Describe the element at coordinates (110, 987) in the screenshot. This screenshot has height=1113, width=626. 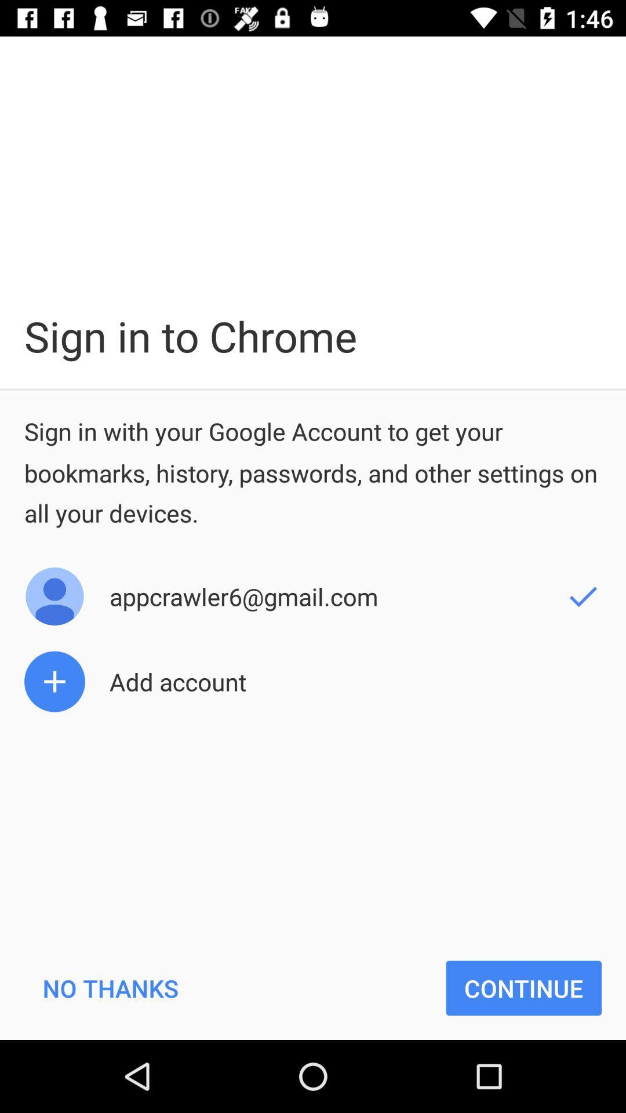
I see `item to the left of continue icon` at that location.